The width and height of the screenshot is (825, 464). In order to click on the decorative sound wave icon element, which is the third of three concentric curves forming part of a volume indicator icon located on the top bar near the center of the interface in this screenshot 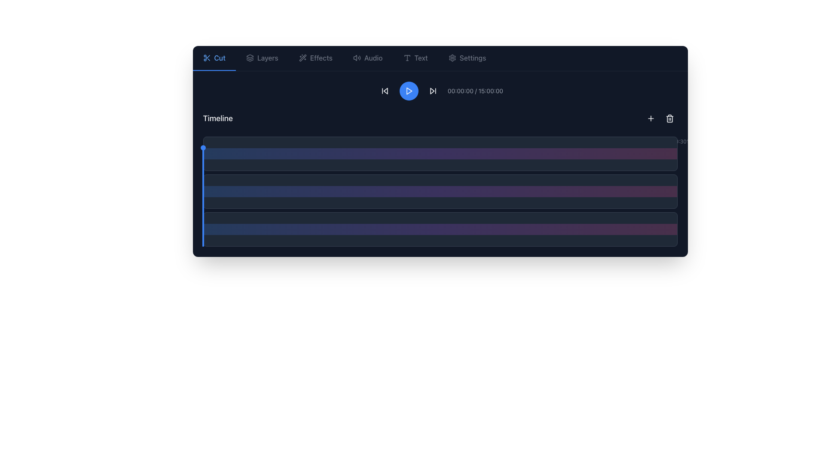, I will do `click(360, 58)`.